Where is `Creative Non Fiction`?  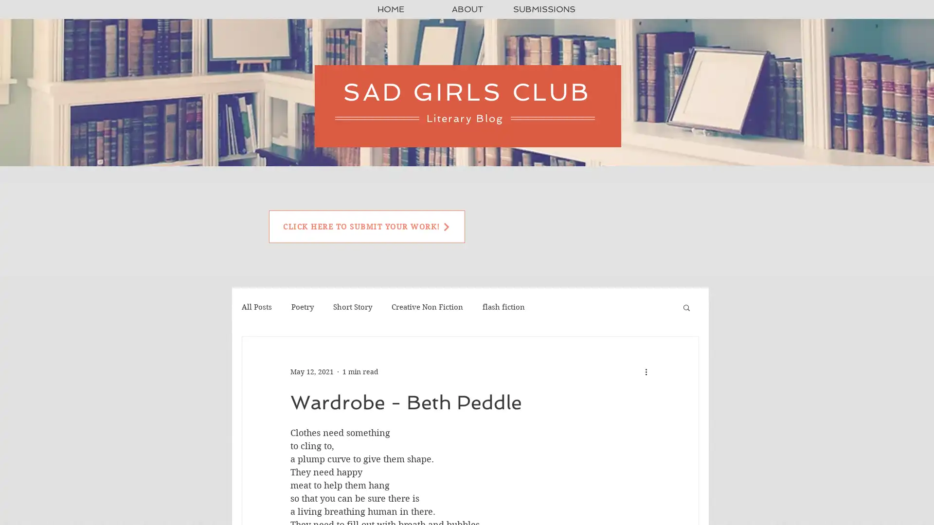 Creative Non Fiction is located at coordinates (427, 307).